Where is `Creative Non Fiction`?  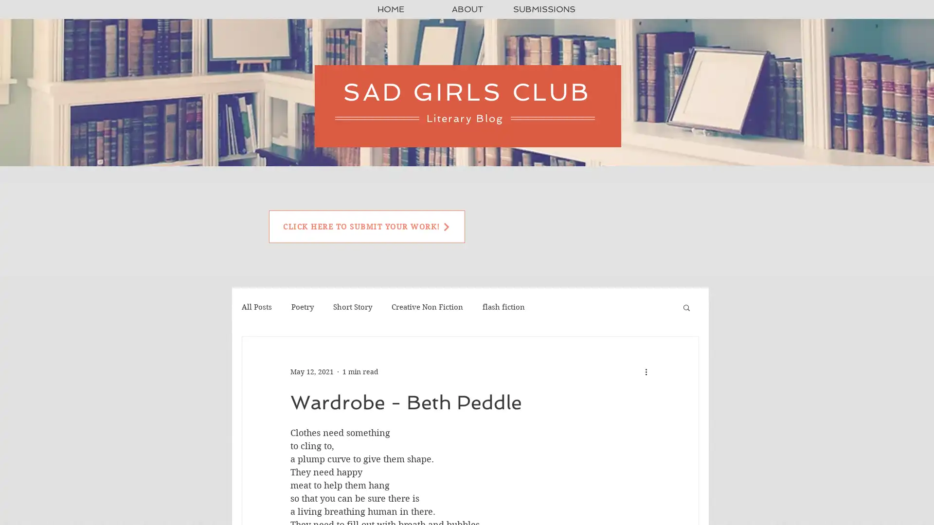 Creative Non Fiction is located at coordinates (427, 307).